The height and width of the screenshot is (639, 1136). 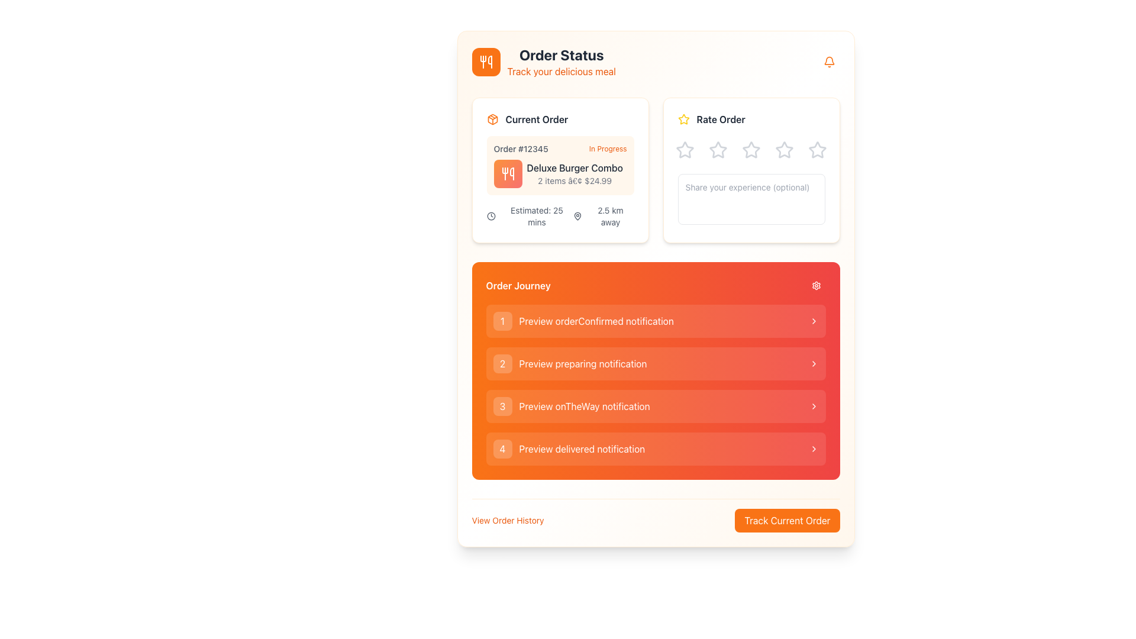 What do you see at coordinates (751, 150) in the screenshot?
I see `the third star rating icon in the Rate Order section, which is interactive and changes color on hover` at bounding box center [751, 150].